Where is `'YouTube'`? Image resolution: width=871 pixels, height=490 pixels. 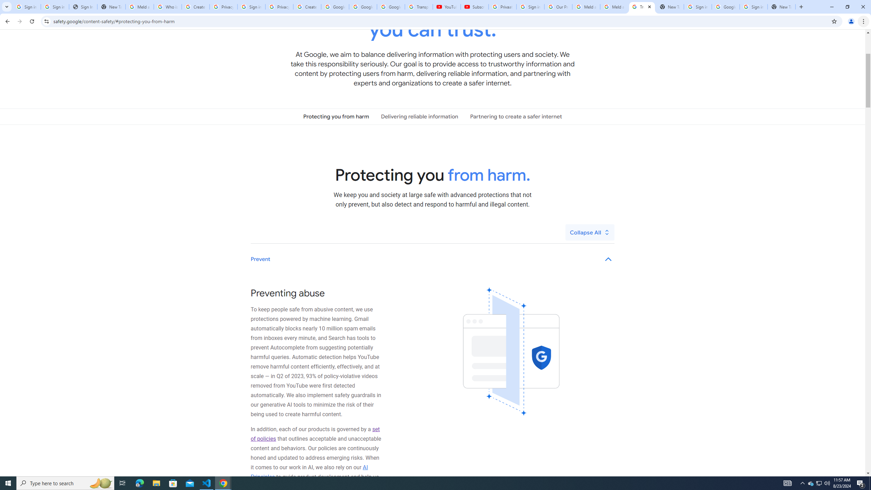 'YouTube' is located at coordinates (446, 6).